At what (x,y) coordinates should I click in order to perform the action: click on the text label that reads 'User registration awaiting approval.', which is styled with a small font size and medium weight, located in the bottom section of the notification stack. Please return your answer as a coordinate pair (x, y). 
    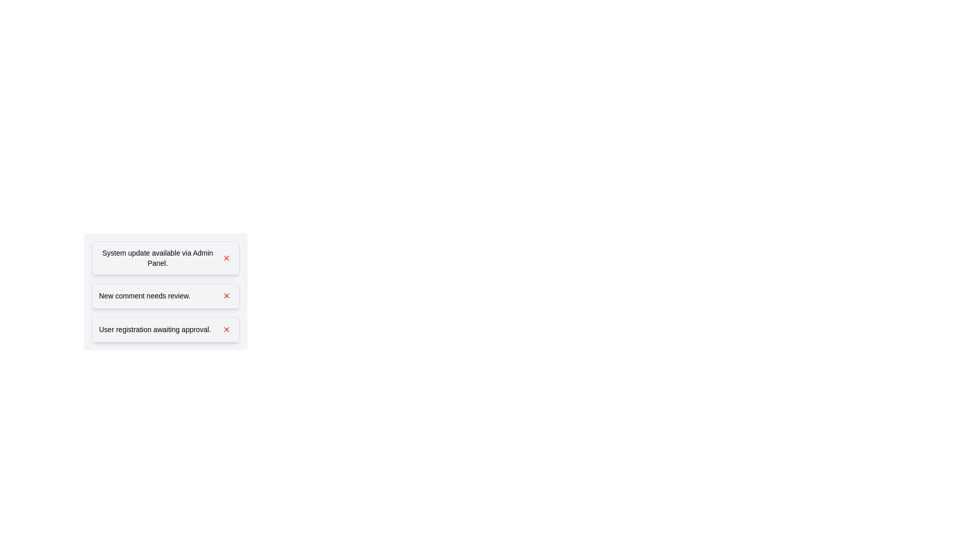
    Looking at the image, I should click on (154, 329).